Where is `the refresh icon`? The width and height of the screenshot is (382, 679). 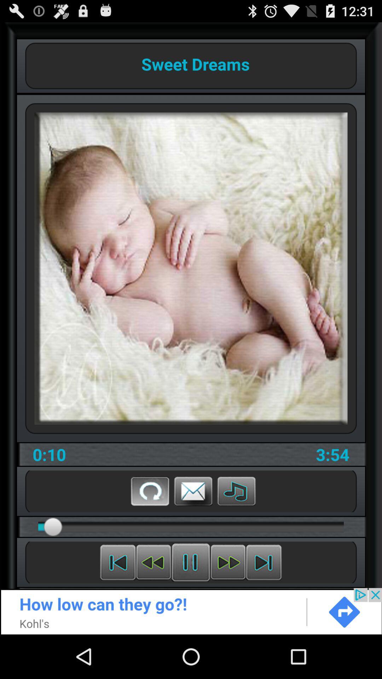
the refresh icon is located at coordinates (150, 526).